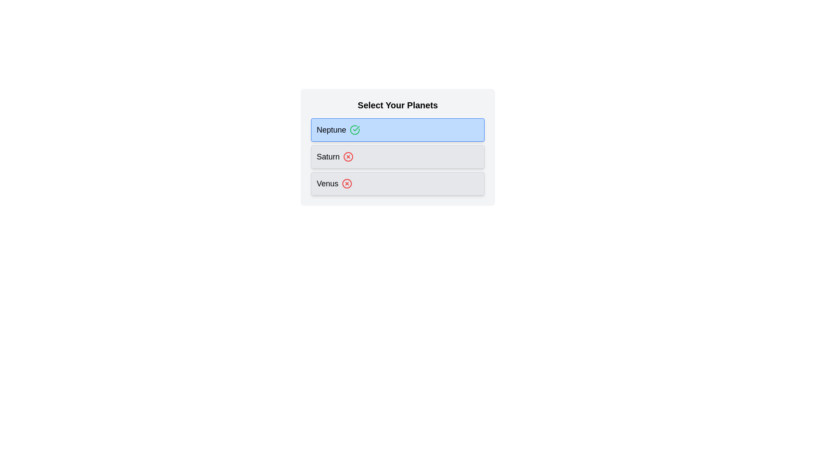  What do you see at coordinates (347, 183) in the screenshot?
I see `the chip labeled Venus` at bounding box center [347, 183].